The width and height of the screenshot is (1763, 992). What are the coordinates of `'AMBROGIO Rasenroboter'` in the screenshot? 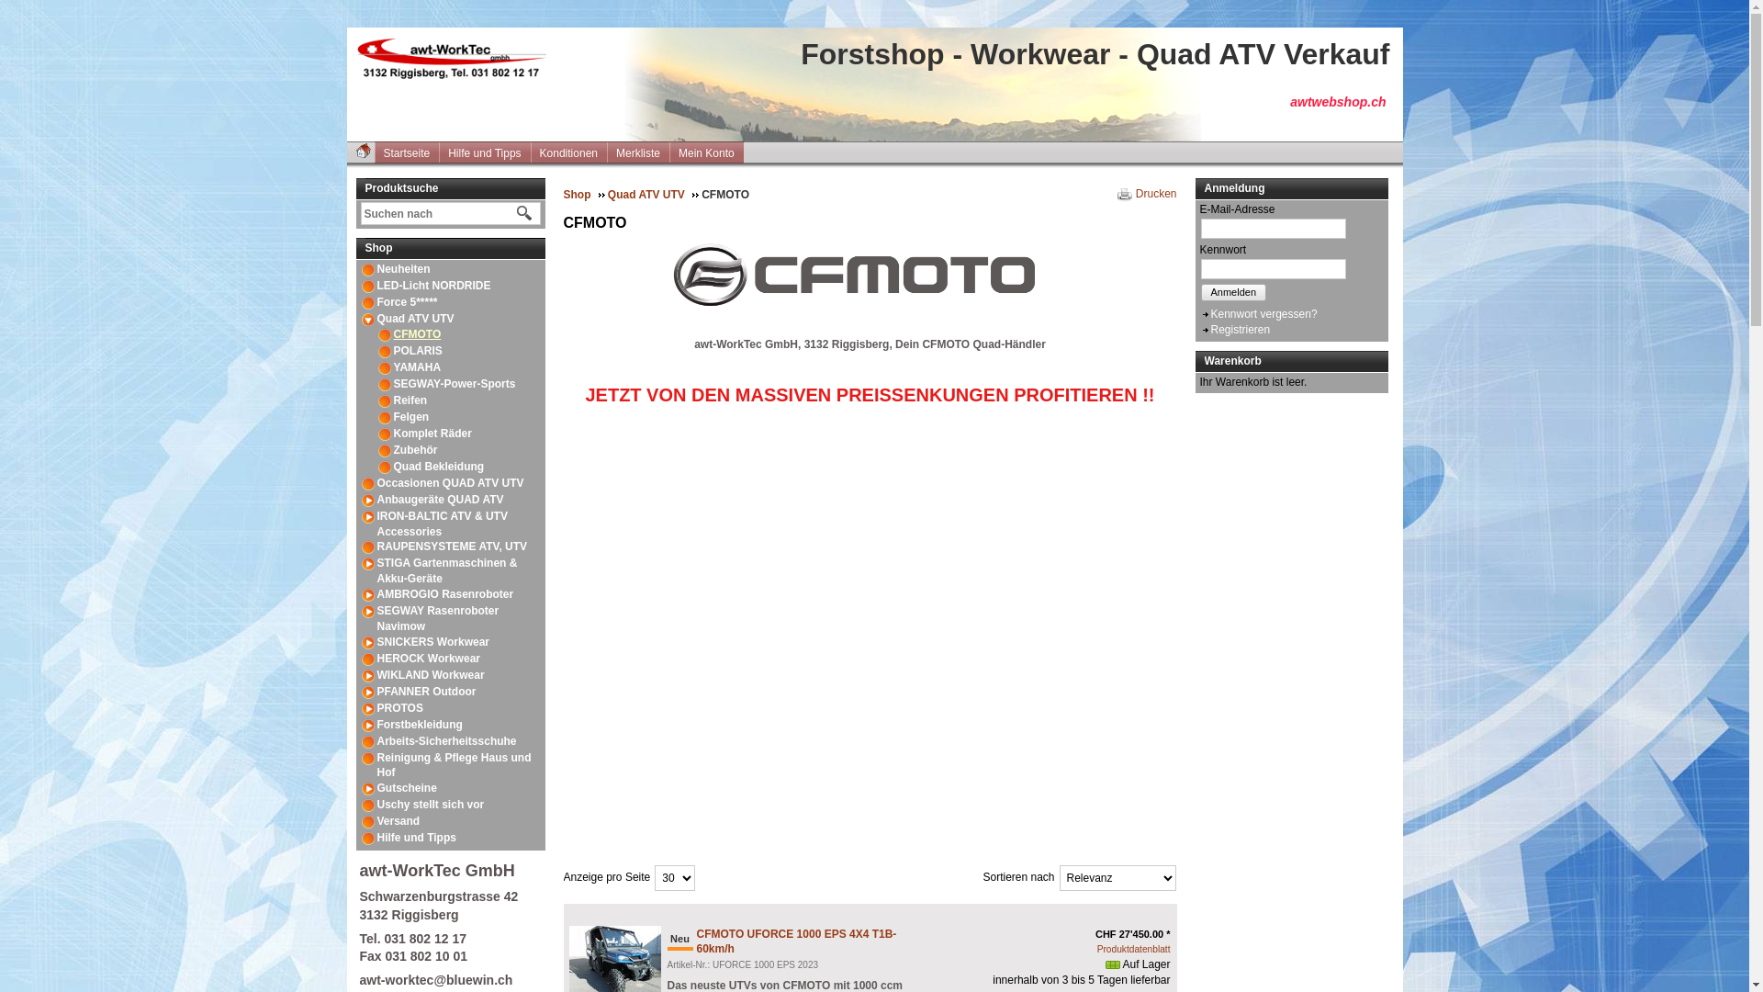 It's located at (445, 594).